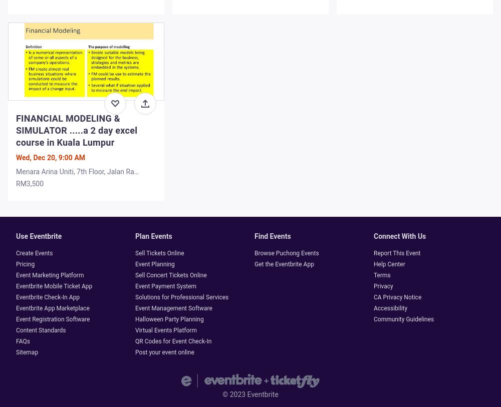  Describe the element at coordinates (135, 236) in the screenshot. I see `'Plan events'` at that location.